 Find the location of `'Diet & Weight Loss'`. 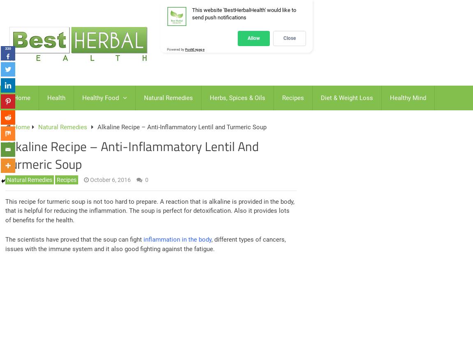

'Diet & Weight Loss' is located at coordinates (346, 98).